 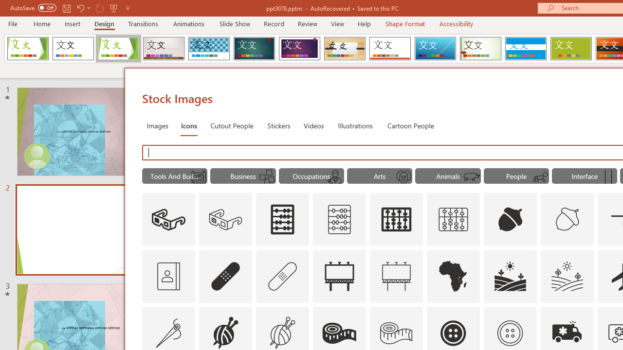 What do you see at coordinates (568, 276) in the screenshot?
I see `'AutomationID: Icons_Agriculture_M'` at bounding box center [568, 276].